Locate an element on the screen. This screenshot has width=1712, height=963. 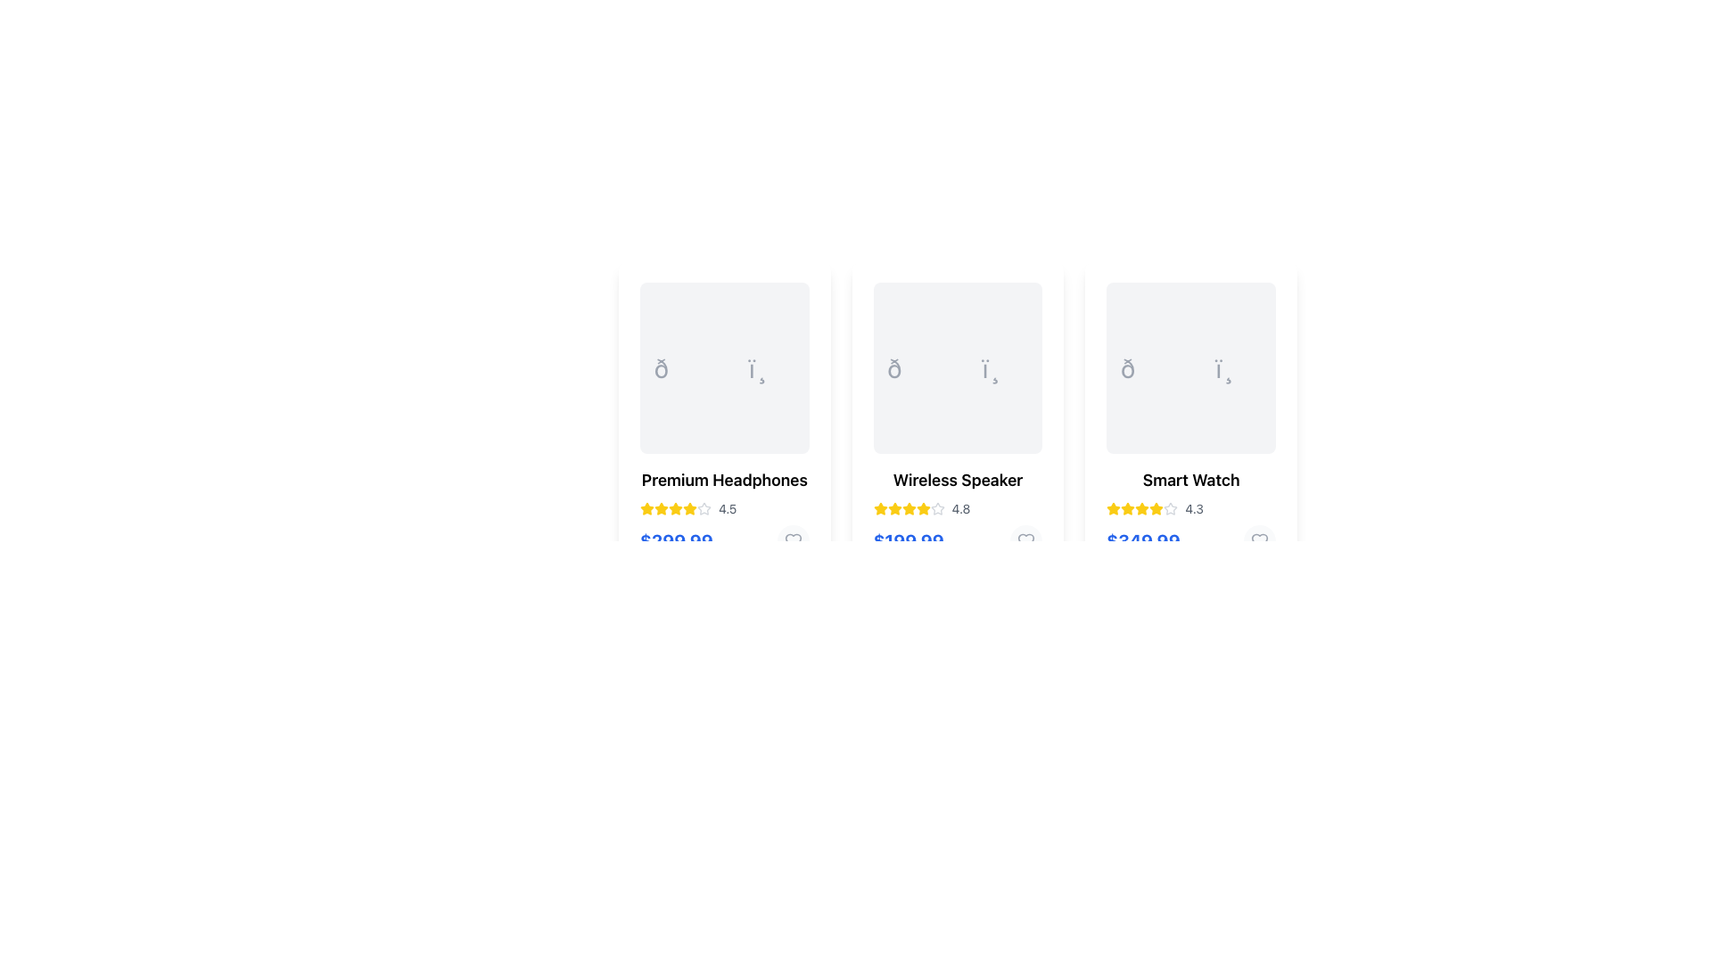
the visual representation of the fifth rating star icon for the product 'Wireless Speaker', which indicates part of the 4.8/5 rating is located at coordinates (923, 508).